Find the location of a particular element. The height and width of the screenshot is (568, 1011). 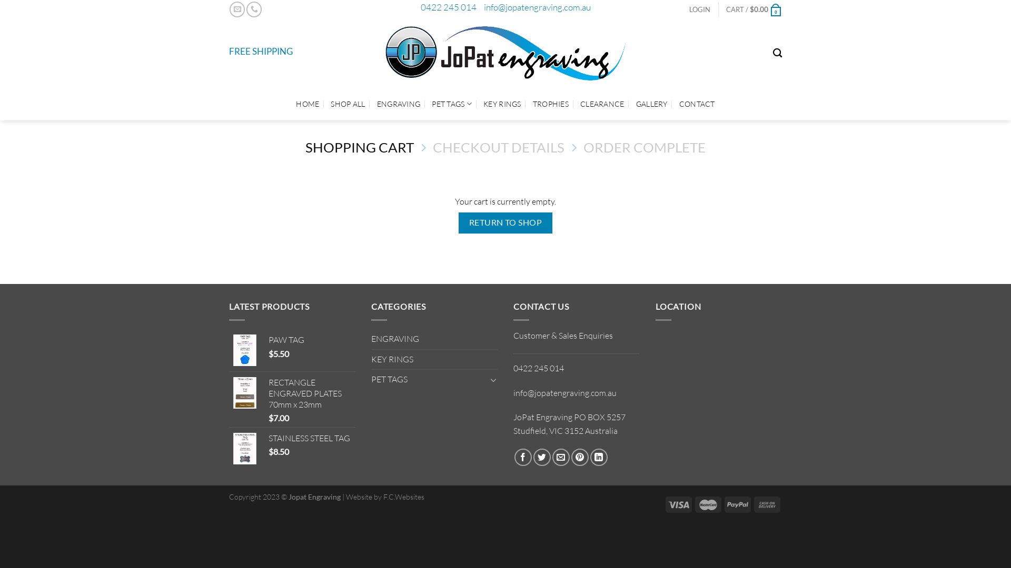

'RETURN TO SHOP' is located at coordinates (458, 222).